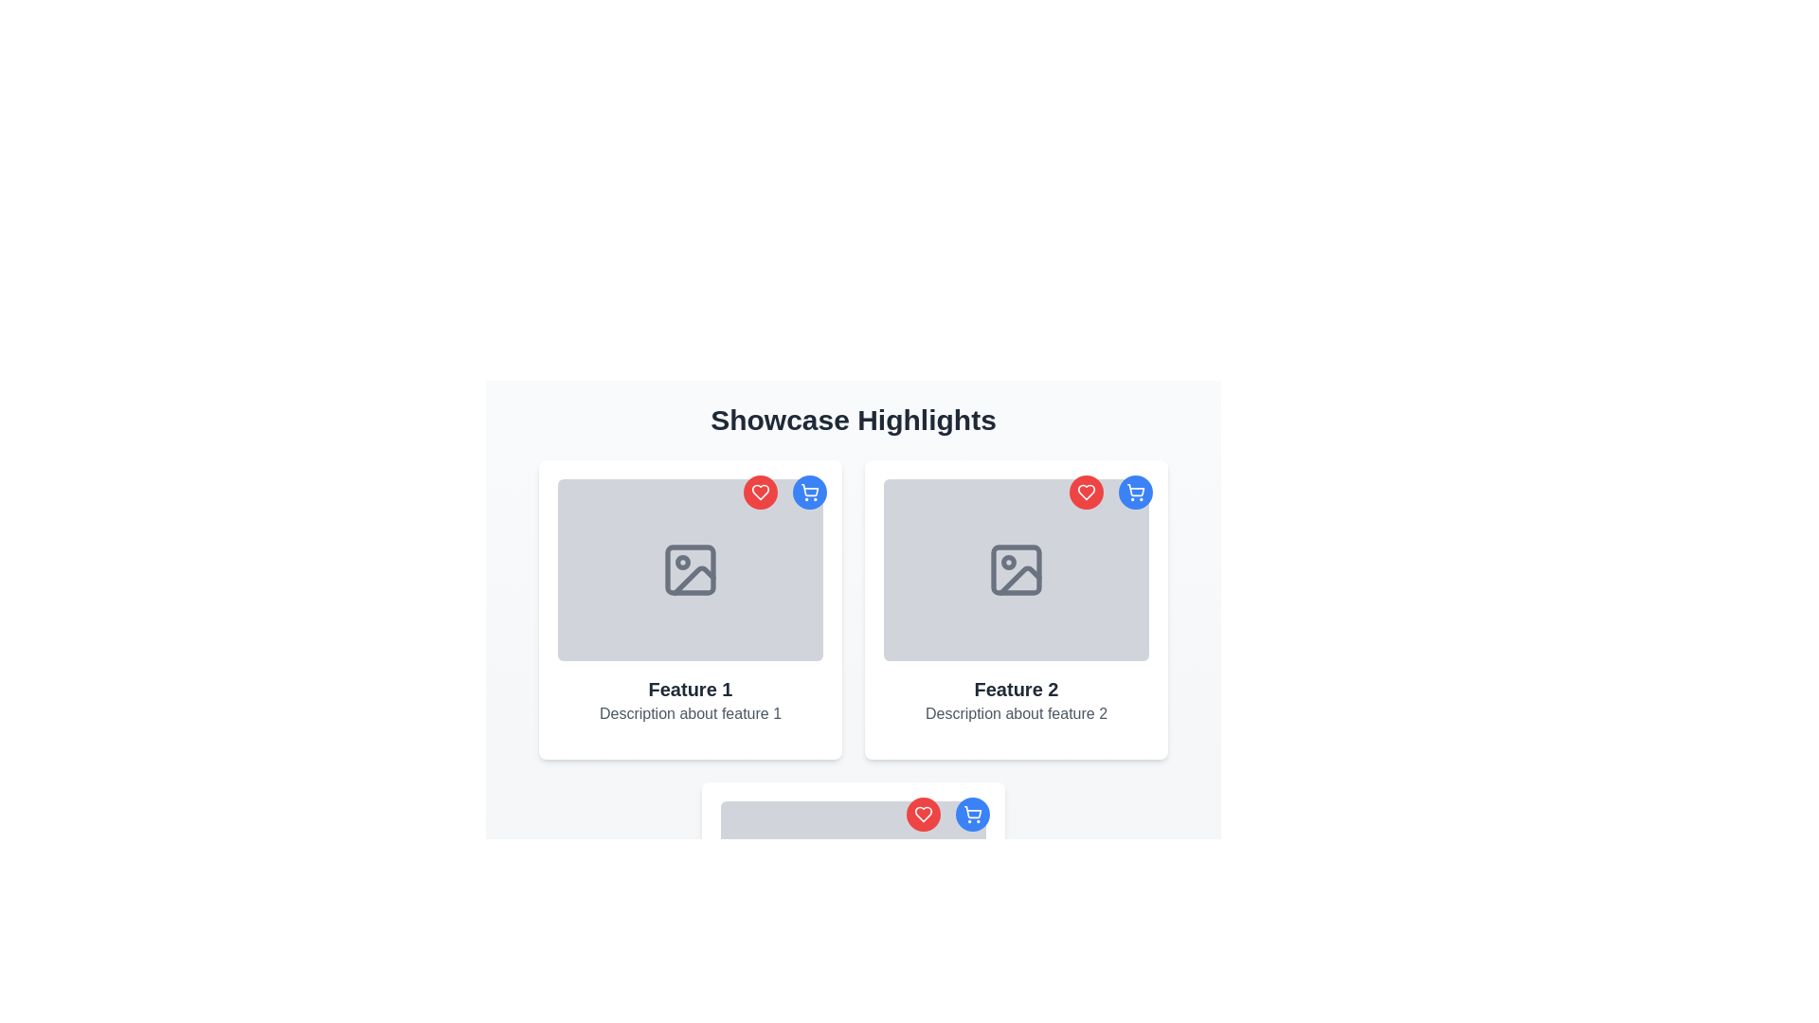 The image size is (1819, 1023). I want to click on the decorative SVG component that represents an image-related feature for 'Feature 2', located in the second position of the second row of the grid layout, so click(1016, 568).